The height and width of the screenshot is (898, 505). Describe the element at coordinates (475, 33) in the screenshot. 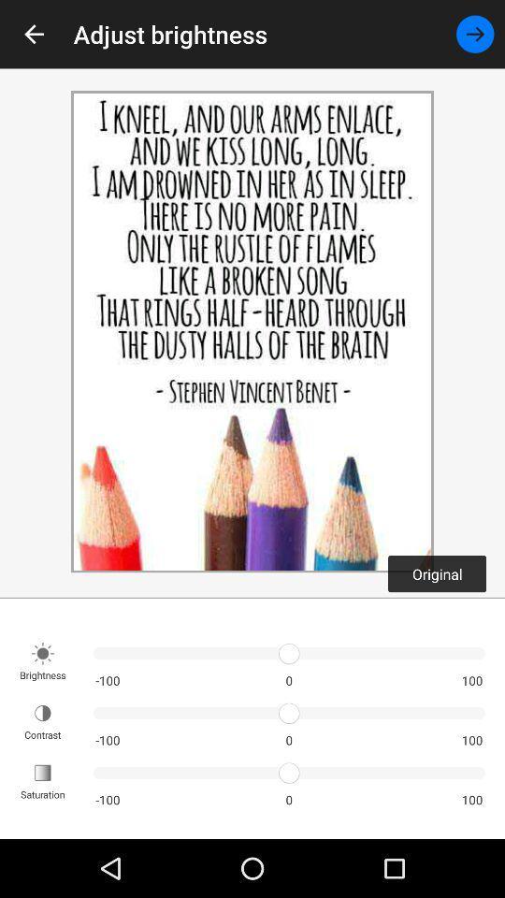

I see `the item at the top right corner` at that location.